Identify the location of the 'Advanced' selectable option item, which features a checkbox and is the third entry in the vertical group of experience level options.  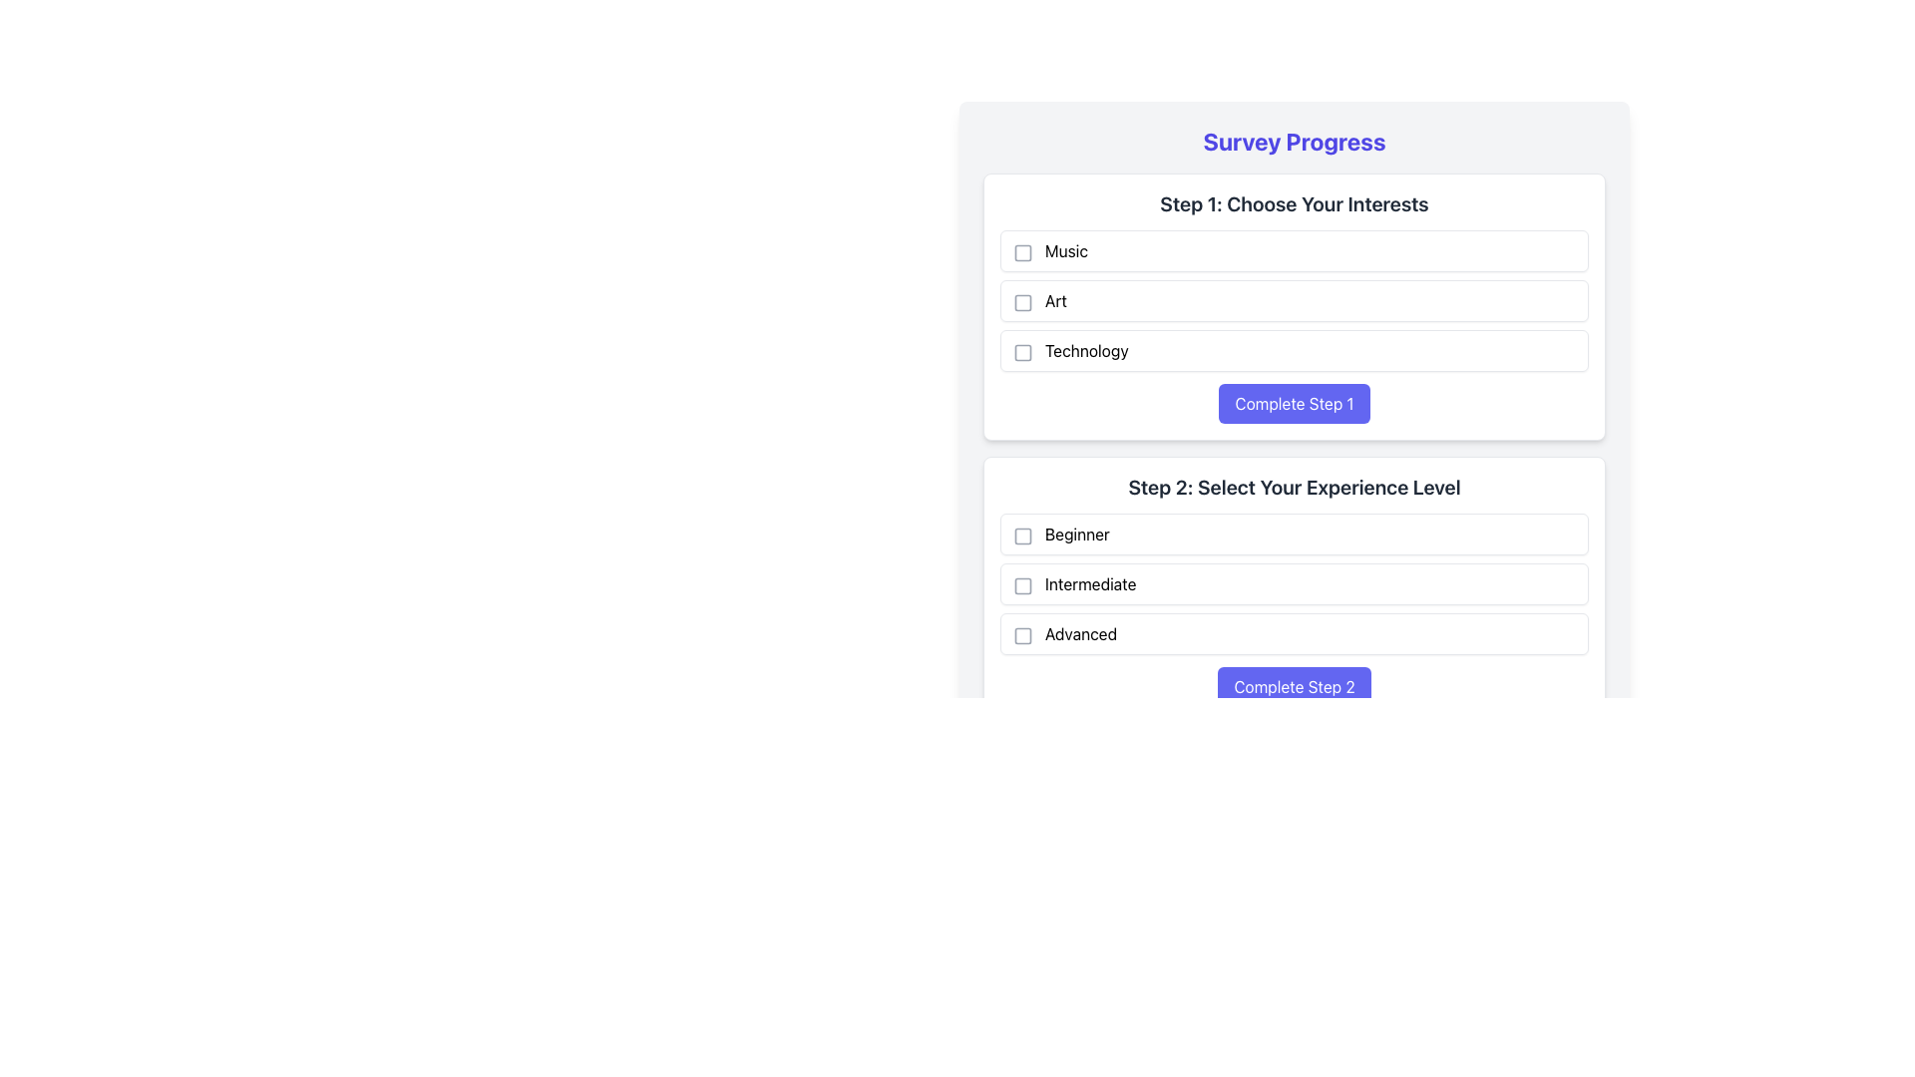
(1294, 634).